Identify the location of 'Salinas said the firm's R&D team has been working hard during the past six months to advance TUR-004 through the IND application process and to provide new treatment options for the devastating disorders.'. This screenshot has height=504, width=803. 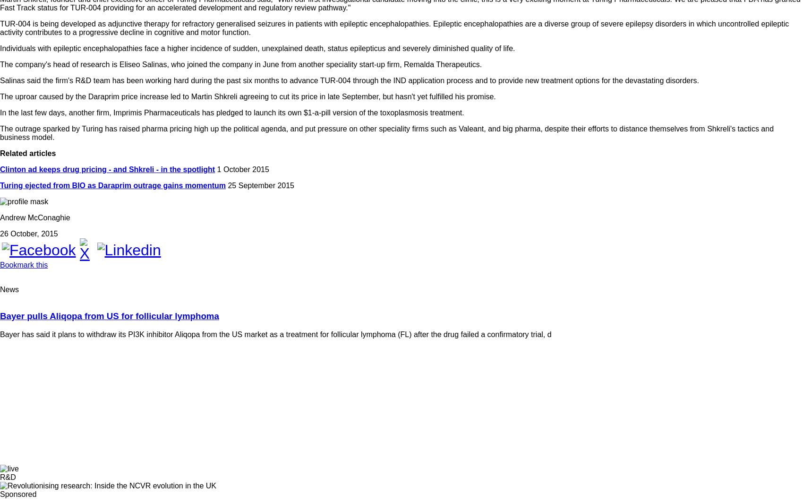
(350, 79).